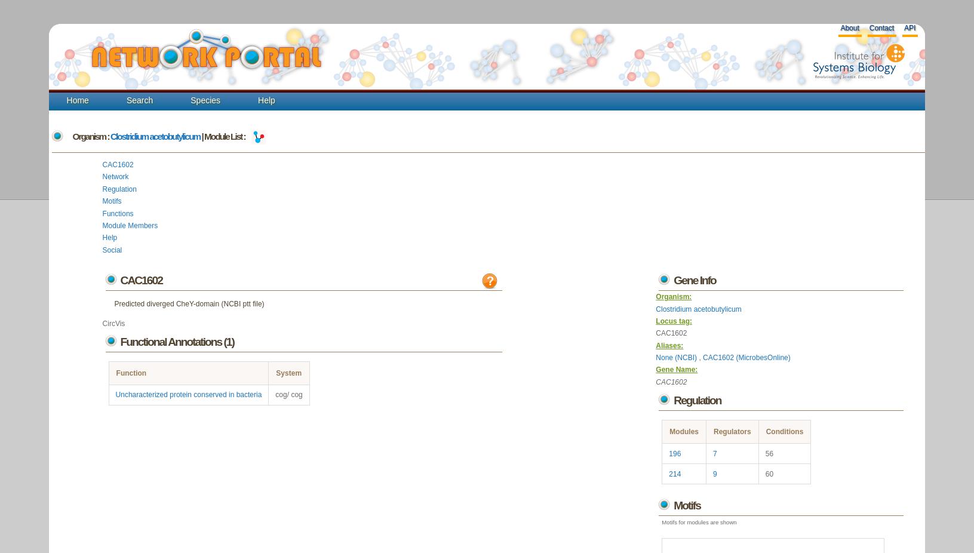  What do you see at coordinates (109, 237) in the screenshot?
I see `'Help'` at bounding box center [109, 237].